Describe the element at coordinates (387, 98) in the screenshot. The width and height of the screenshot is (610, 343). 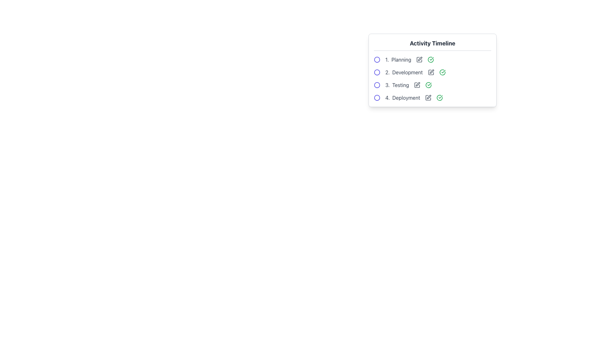
I see `the text label displaying the numeric string '4.' which is part of a numbered list in the activity timeline` at that location.